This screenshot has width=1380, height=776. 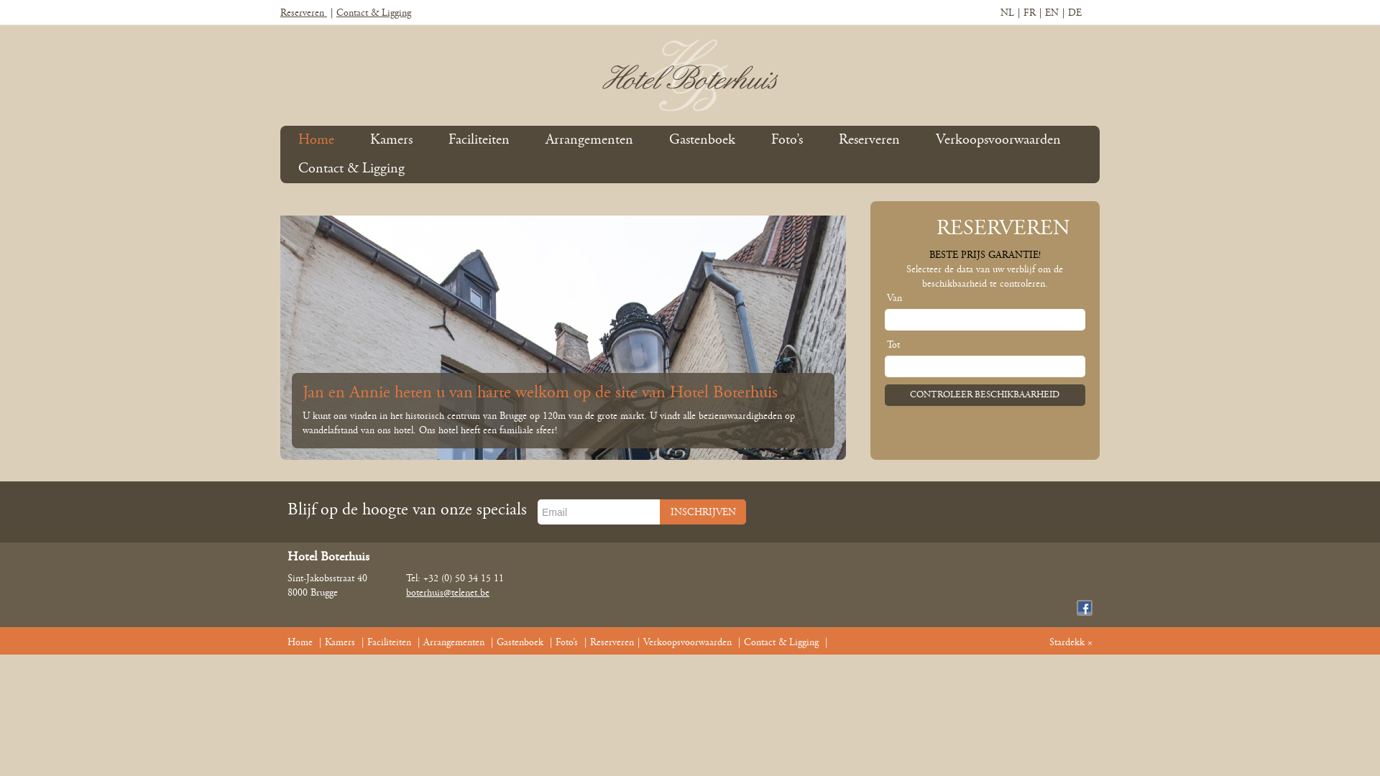 I want to click on 'Contact & Ligging', so click(x=351, y=168).